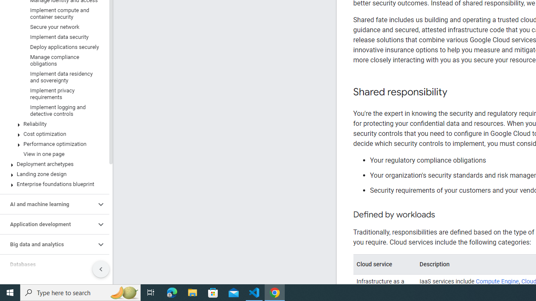  Describe the element at coordinates (52, 154) in the screenshot. I see `'View in one page'` at that location.